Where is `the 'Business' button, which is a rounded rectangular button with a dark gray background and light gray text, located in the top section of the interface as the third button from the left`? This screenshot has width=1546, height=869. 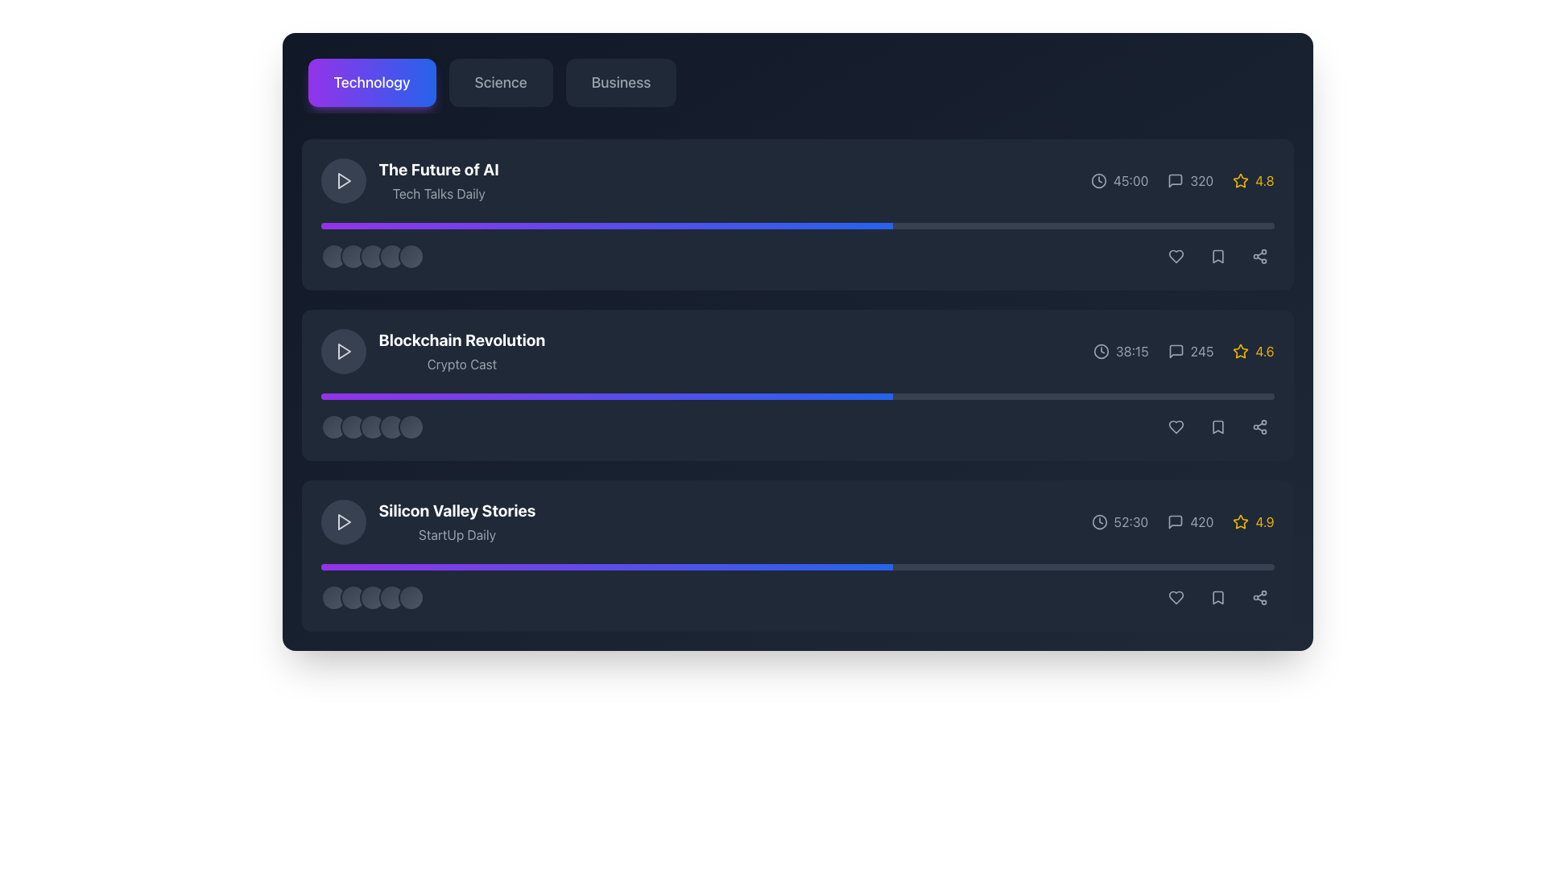
the 'Business' button, which is a rounded rectangular button with a dark gray background and light gray text, located in the top section of the interface as the third button from the left is located at coordinates (620, 83).